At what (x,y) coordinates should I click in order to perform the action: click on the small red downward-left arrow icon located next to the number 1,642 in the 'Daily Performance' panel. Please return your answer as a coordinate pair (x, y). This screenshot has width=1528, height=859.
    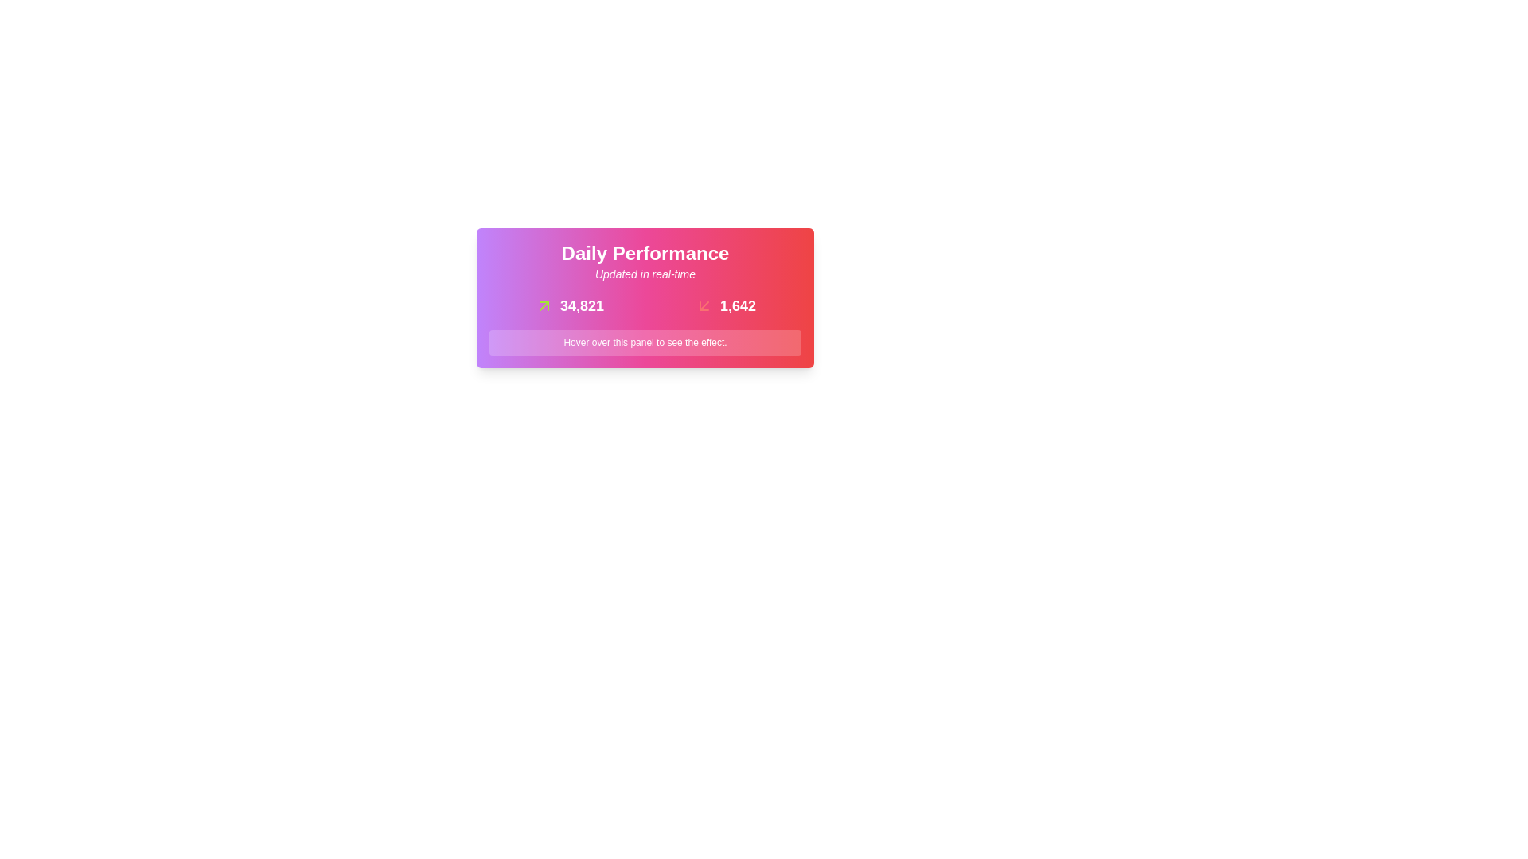
    Looking at the image, I should click on (703, 306).